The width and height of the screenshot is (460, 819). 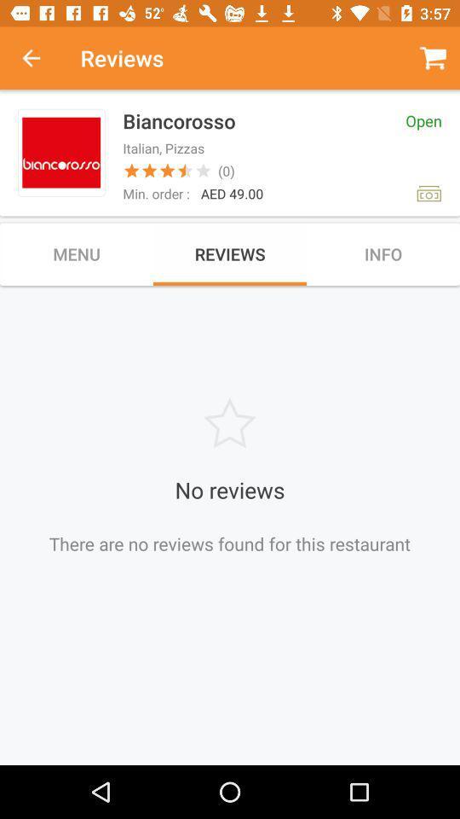 I want to click on return to the previous screen, so click(x=40, y=58).